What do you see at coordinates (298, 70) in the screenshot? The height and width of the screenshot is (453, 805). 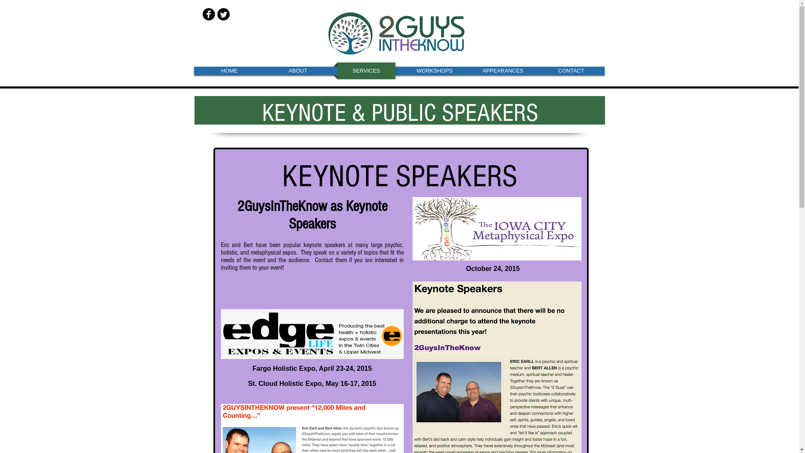 I see `'ABOUT'` at bounding box center [298, 70].